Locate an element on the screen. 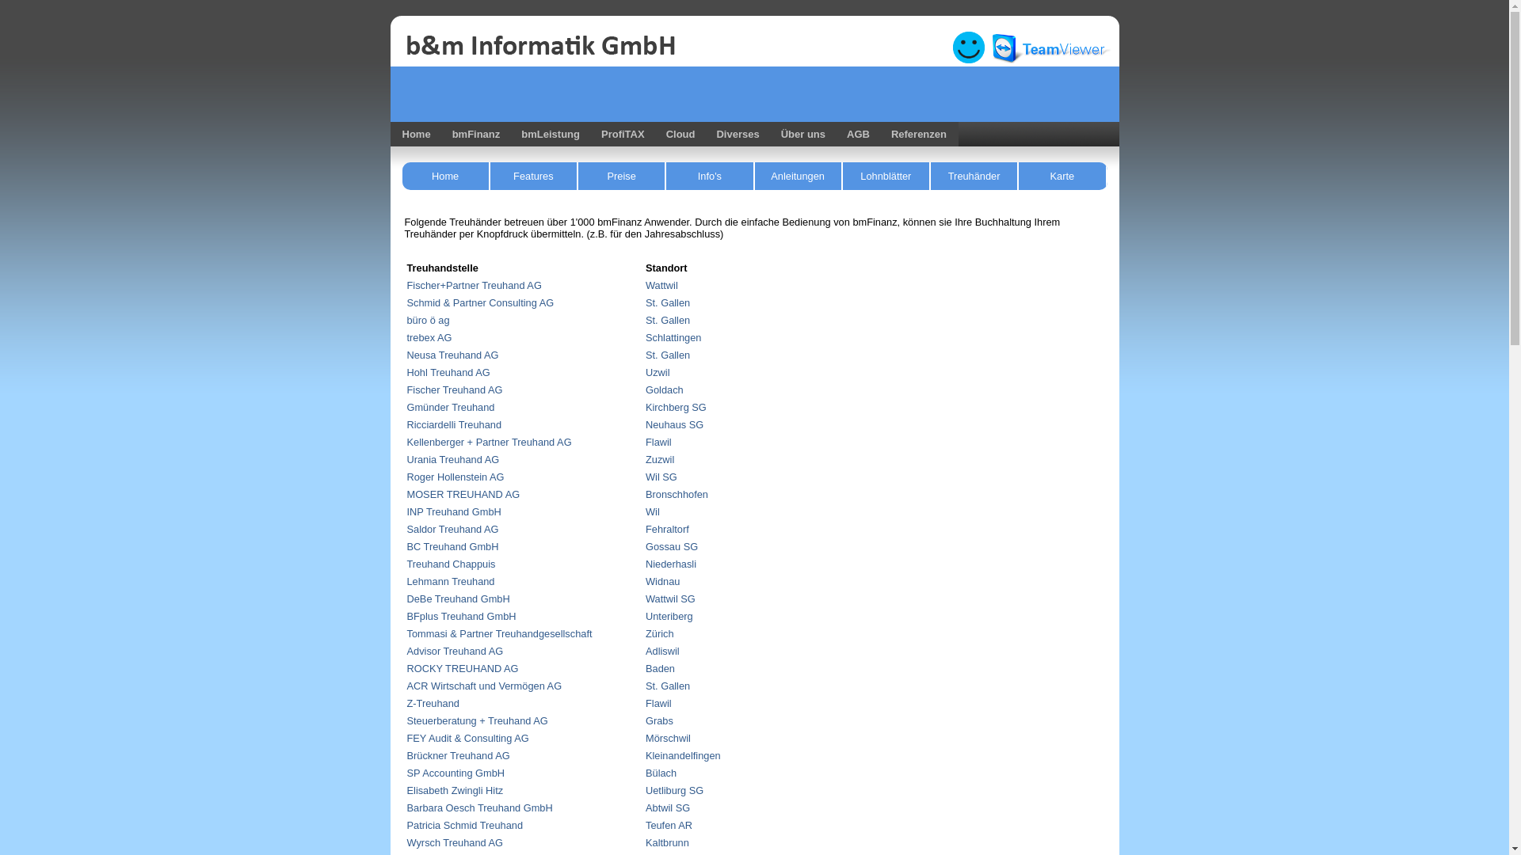  'bmLeistung' is located at coordinates (509, 133).